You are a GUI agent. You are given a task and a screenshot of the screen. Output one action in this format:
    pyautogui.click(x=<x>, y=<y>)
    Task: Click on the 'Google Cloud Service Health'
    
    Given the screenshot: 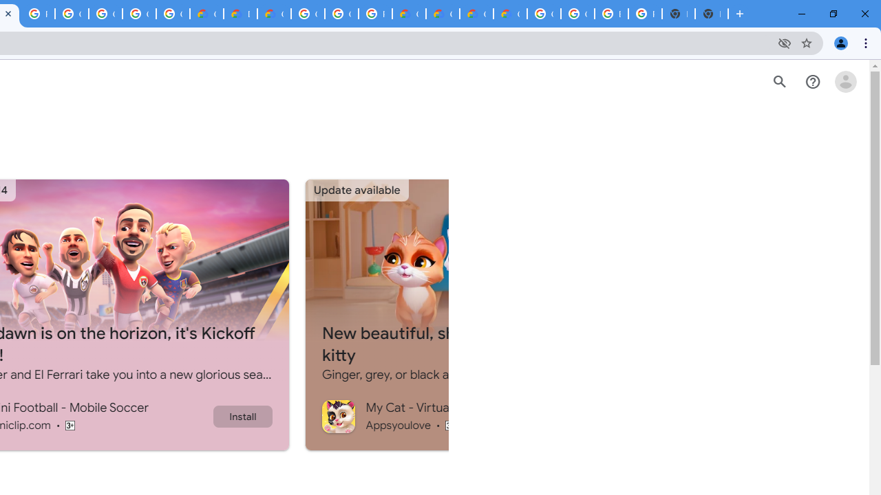 What is the action you would take?
    pyautogui.click(x=509, y=14)
    